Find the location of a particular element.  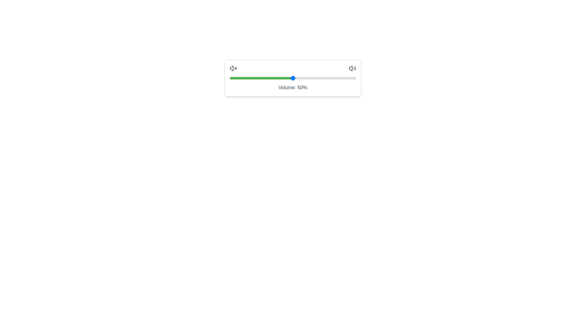

the slider is located at coordinates (282, 78).